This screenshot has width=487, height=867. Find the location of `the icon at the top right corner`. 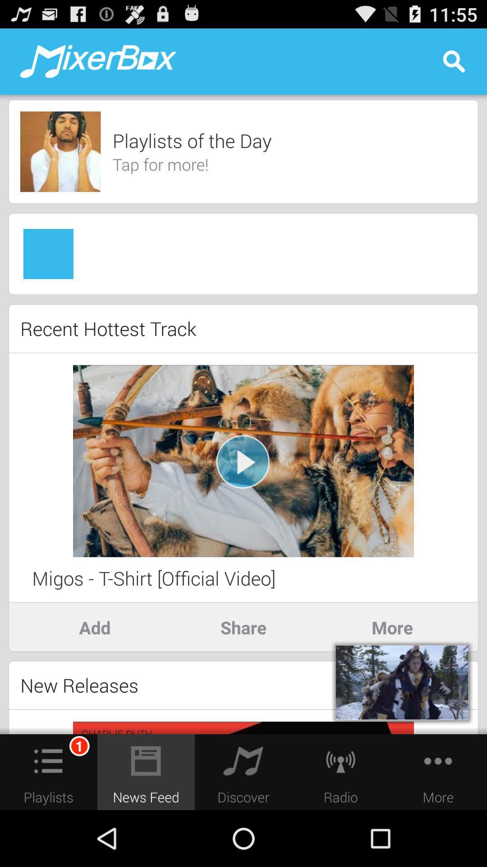

the icon at the top right corner is located at coordinates (454, 61).